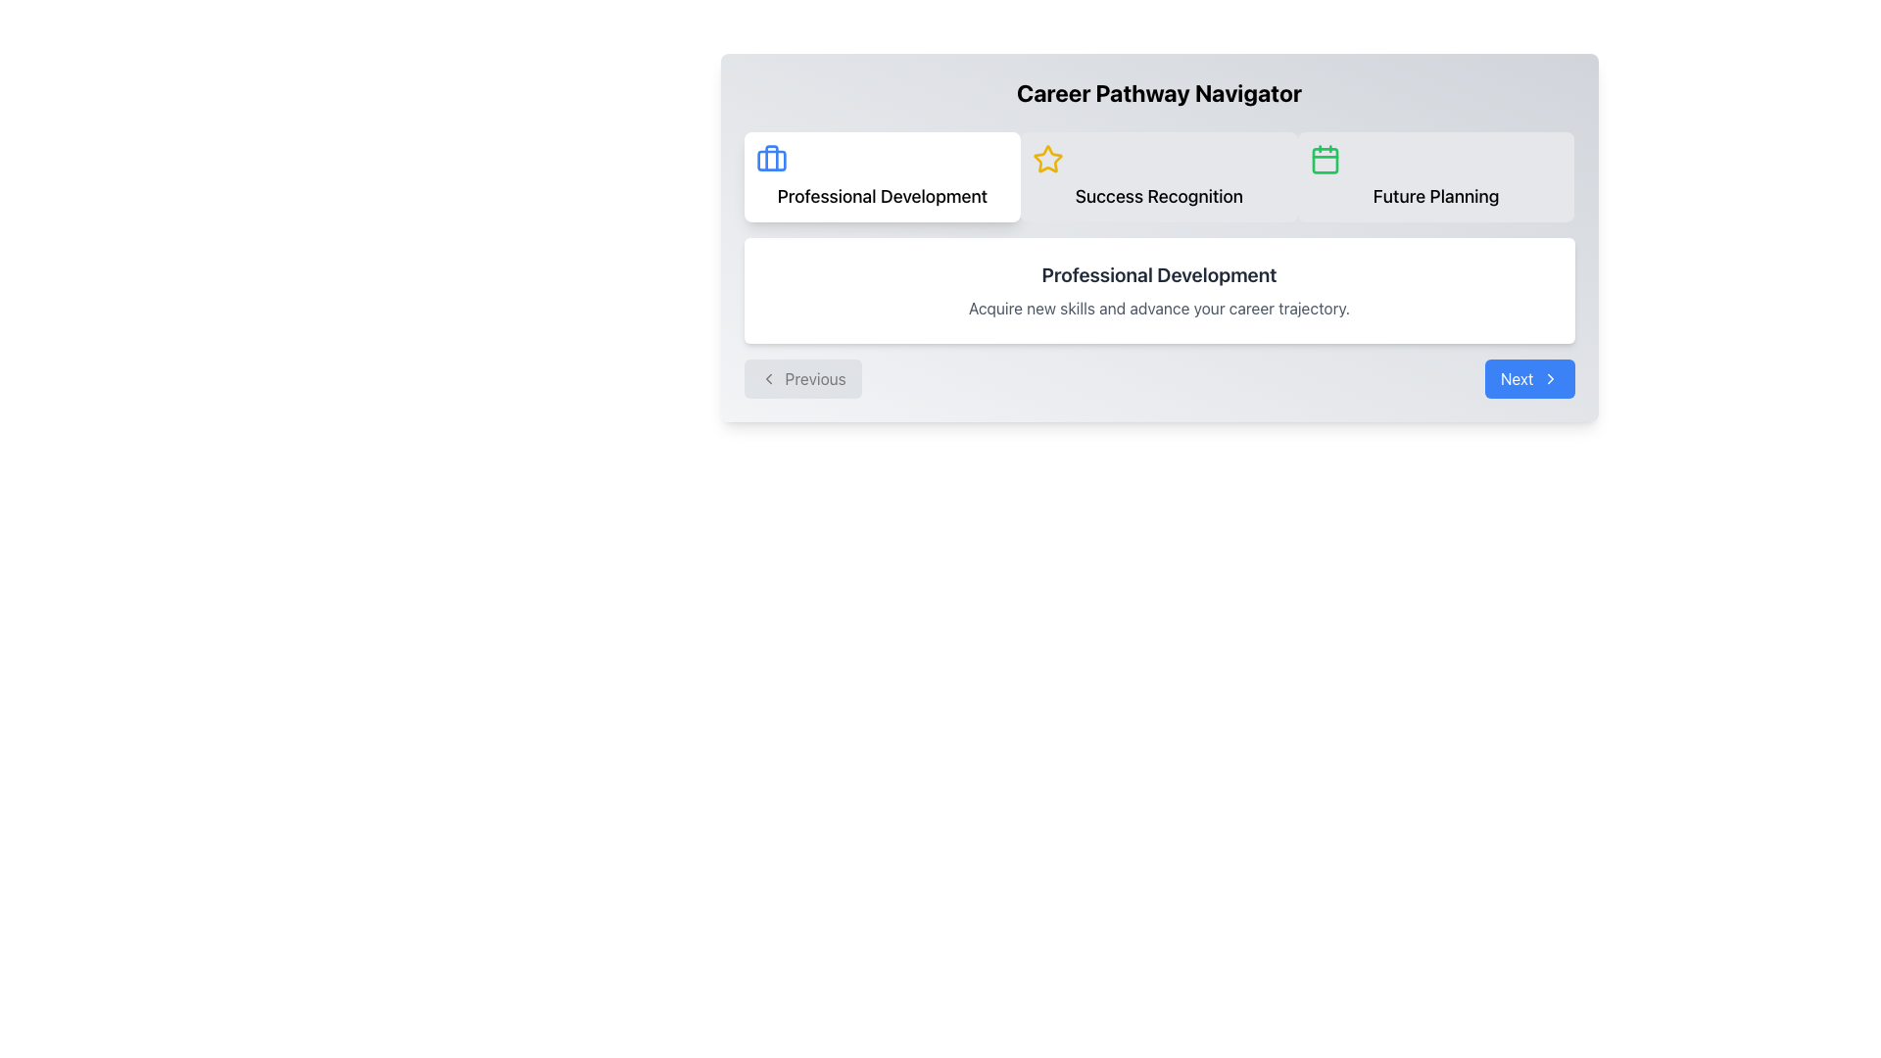 This screenshot has width=1881, height=1058. What do you see at coordinates (802, 378) in the screenshot?
I see `the 'Previous' button with a light grey background and a left-pointing arrow icon` at bounding box center [802, 378].